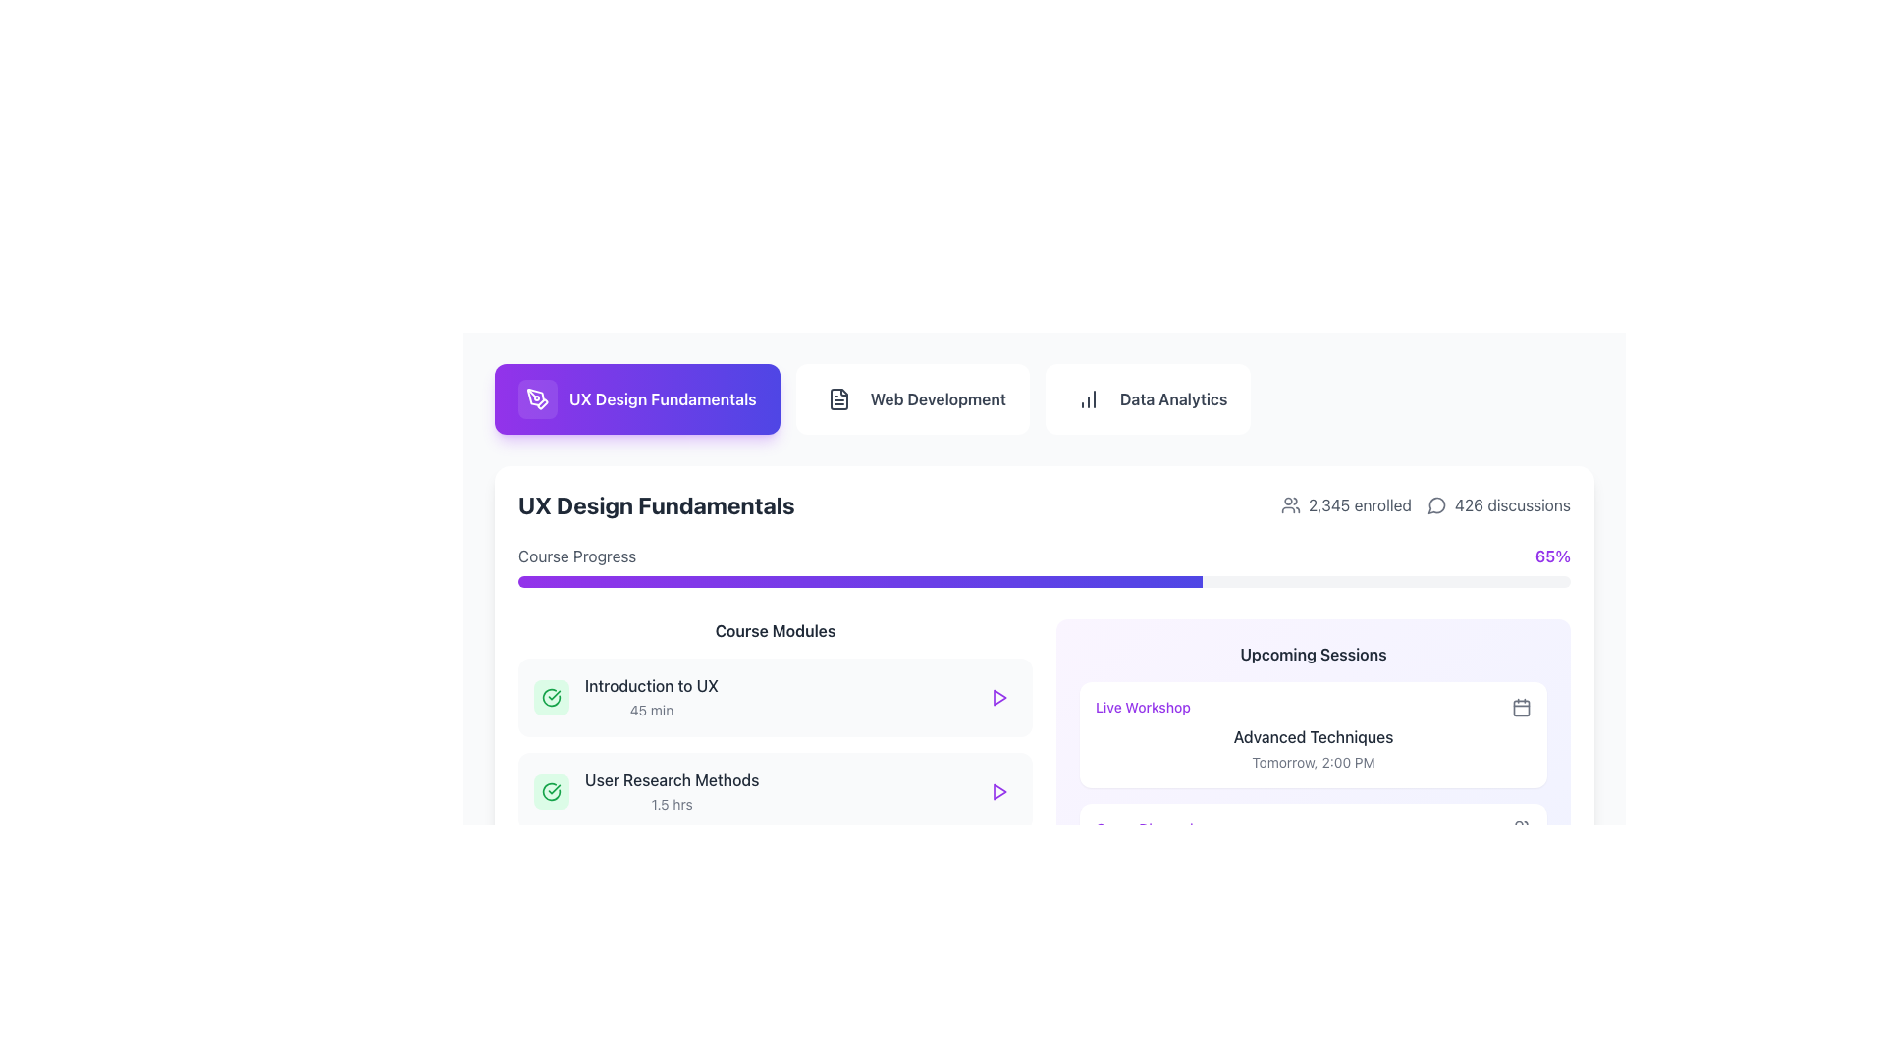 This screenshot has width=1885, height=1060. Describe the element at coordinates (937, 398) in the screenshot. I see `the right-most label element that indicates the content or context of the current view or section` at that location.